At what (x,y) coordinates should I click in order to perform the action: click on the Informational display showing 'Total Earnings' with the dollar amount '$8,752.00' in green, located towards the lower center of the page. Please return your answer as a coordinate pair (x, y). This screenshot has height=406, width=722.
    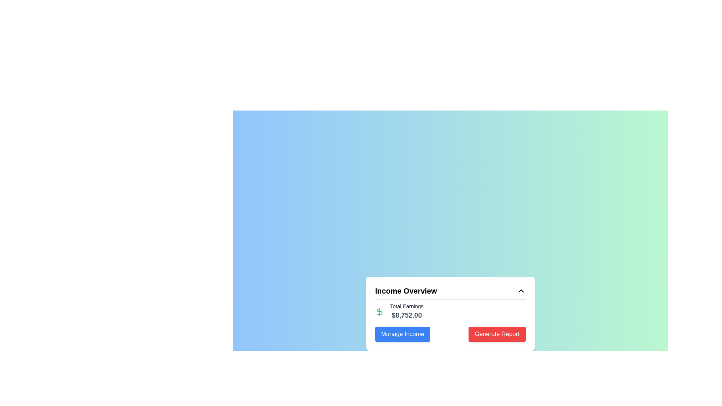
    Looking at the image, I should click on (450, 311).